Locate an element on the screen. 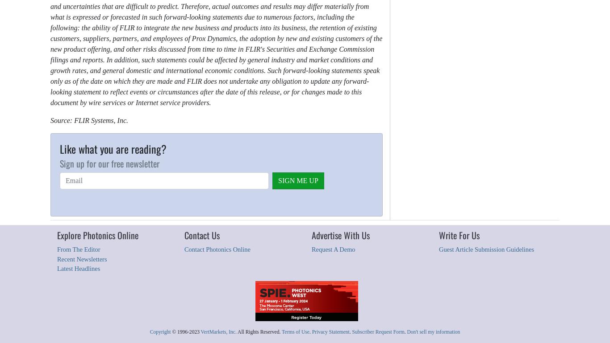  'Privacy Statement' is located at coordinates (330, 331).